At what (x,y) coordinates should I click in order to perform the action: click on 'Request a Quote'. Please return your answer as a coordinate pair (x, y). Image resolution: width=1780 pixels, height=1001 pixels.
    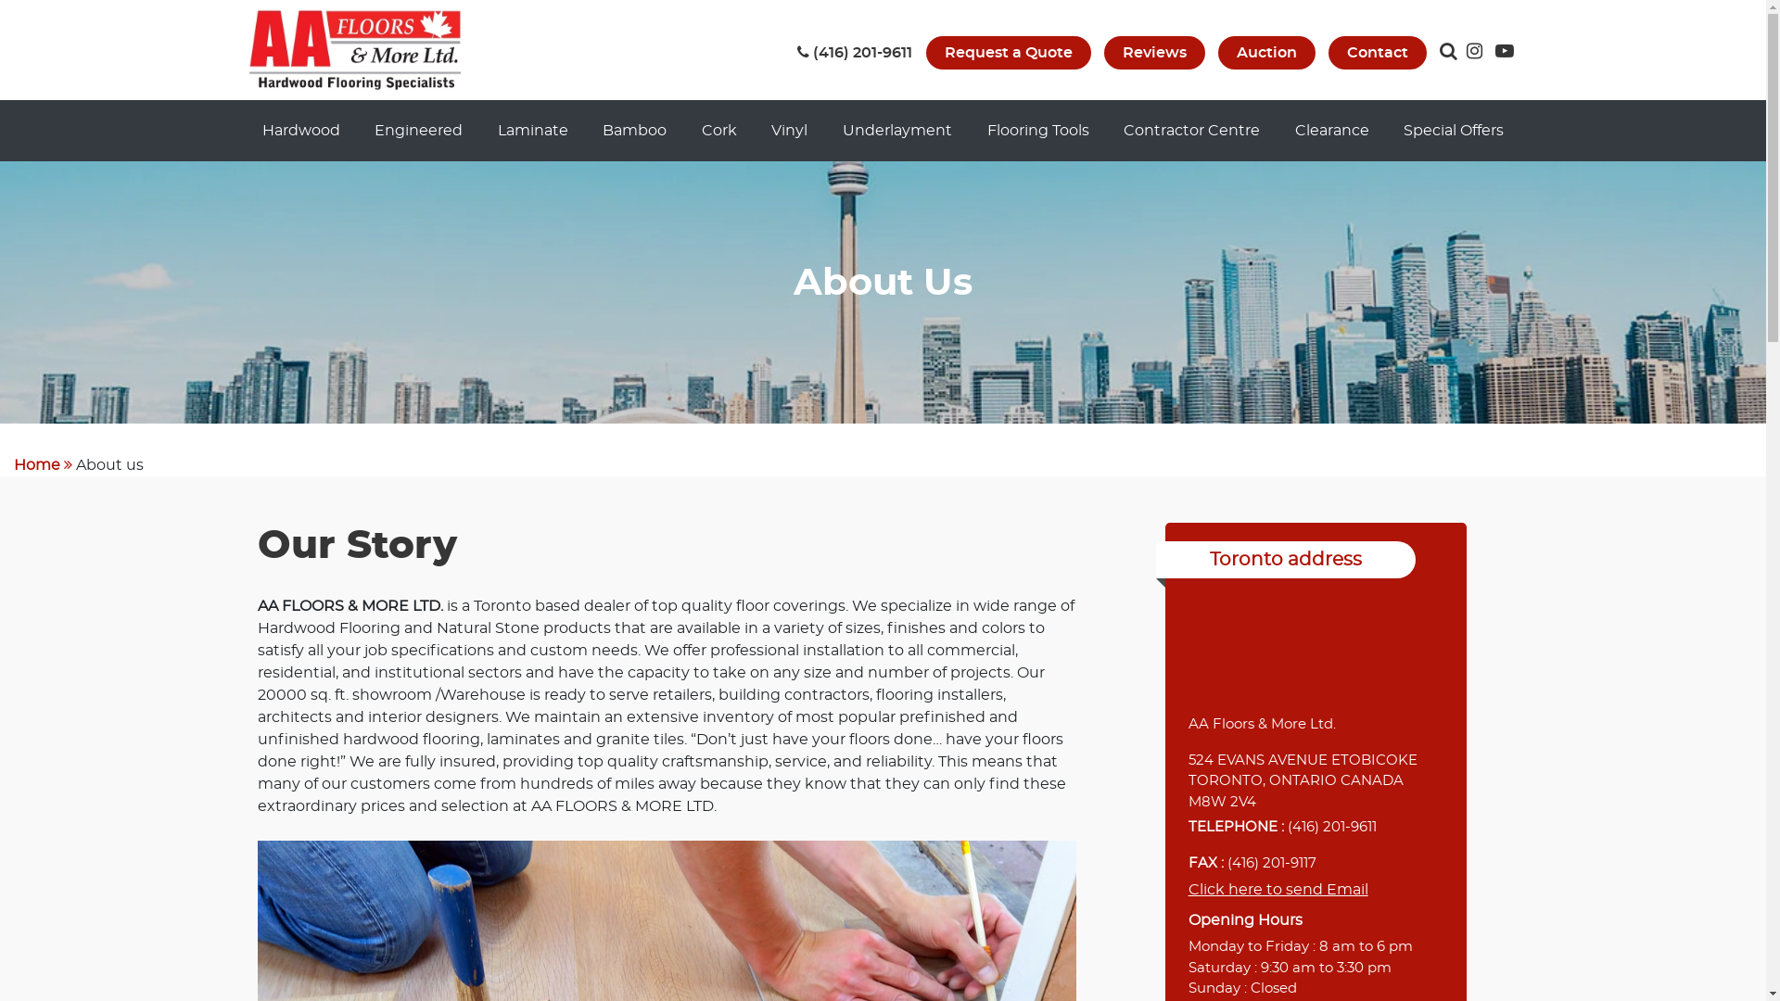
    Looking at the image, I should click on (1006, 52).